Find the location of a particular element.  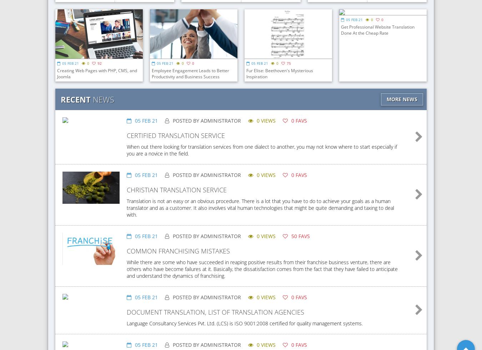

'Language Consultancy Services Pvt. Ltd. (LCS) is ISO 9001:2008 certified for quality management systems.' is located at coordinates (244, 323).